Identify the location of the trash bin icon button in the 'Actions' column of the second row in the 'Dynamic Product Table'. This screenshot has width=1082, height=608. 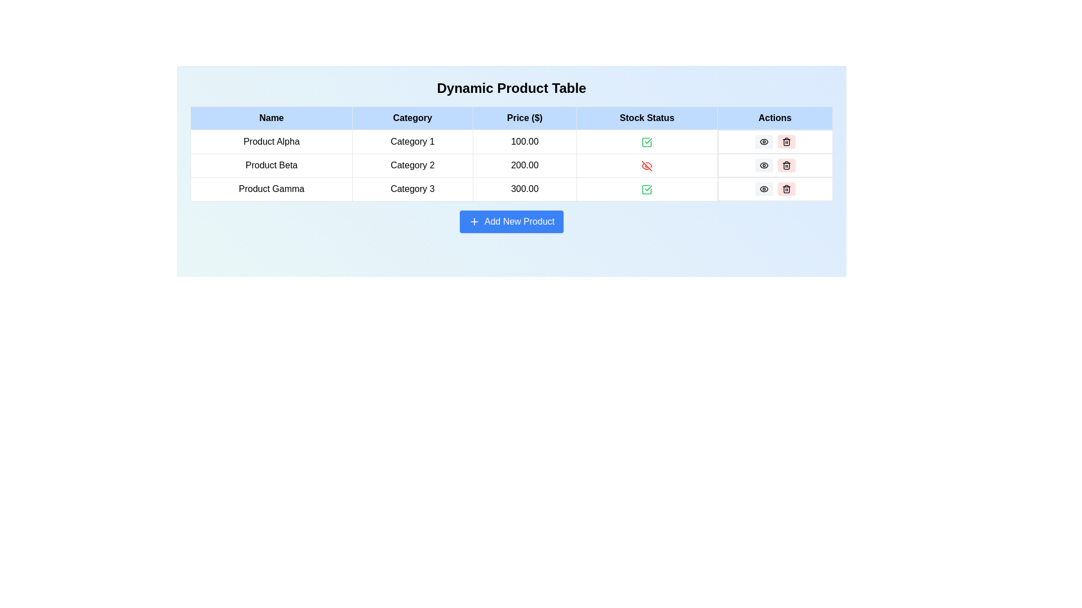
(786, 165).